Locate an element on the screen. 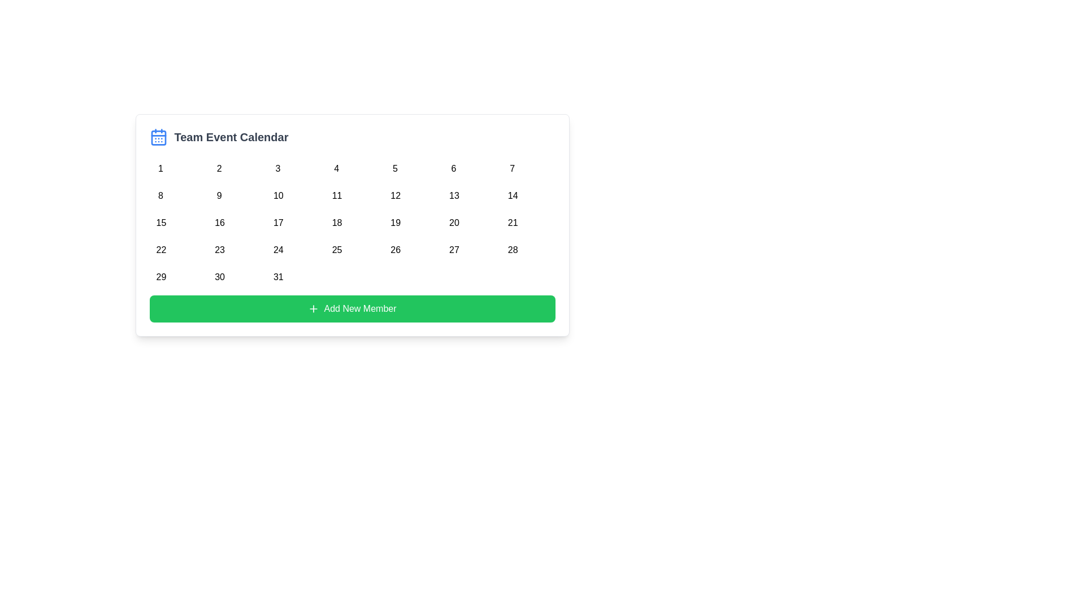 The height and width of the screenshot is (610, 1085). the button for selecting the date '30' in the calendar interface, located in the last row of the grid under 'Team Event Calendar' is located at coordinates (219, 274).